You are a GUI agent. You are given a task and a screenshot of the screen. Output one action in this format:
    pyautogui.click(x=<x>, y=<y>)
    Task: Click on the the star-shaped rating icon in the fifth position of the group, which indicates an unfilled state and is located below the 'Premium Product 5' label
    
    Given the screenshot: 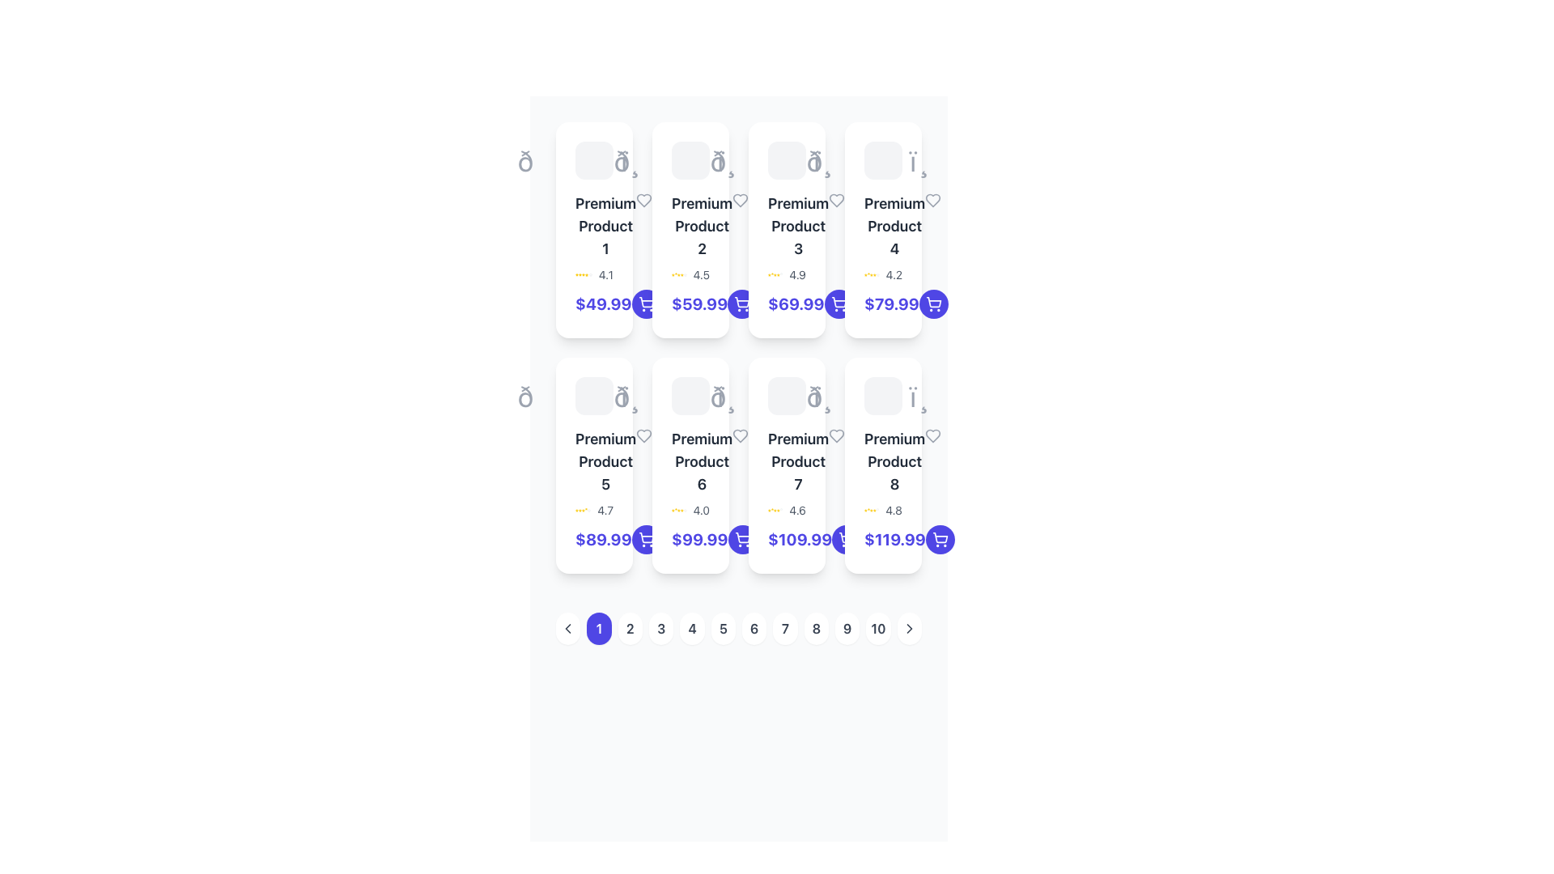 What is the action you would take?
    pyautogui.click(x=588, y=511)
    